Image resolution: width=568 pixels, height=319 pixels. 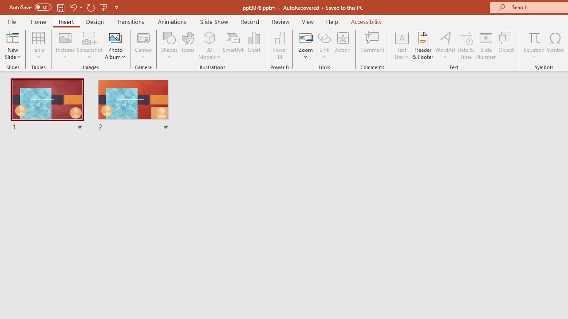 I want to click on 'Slide Number', so click(x=485, y=46).